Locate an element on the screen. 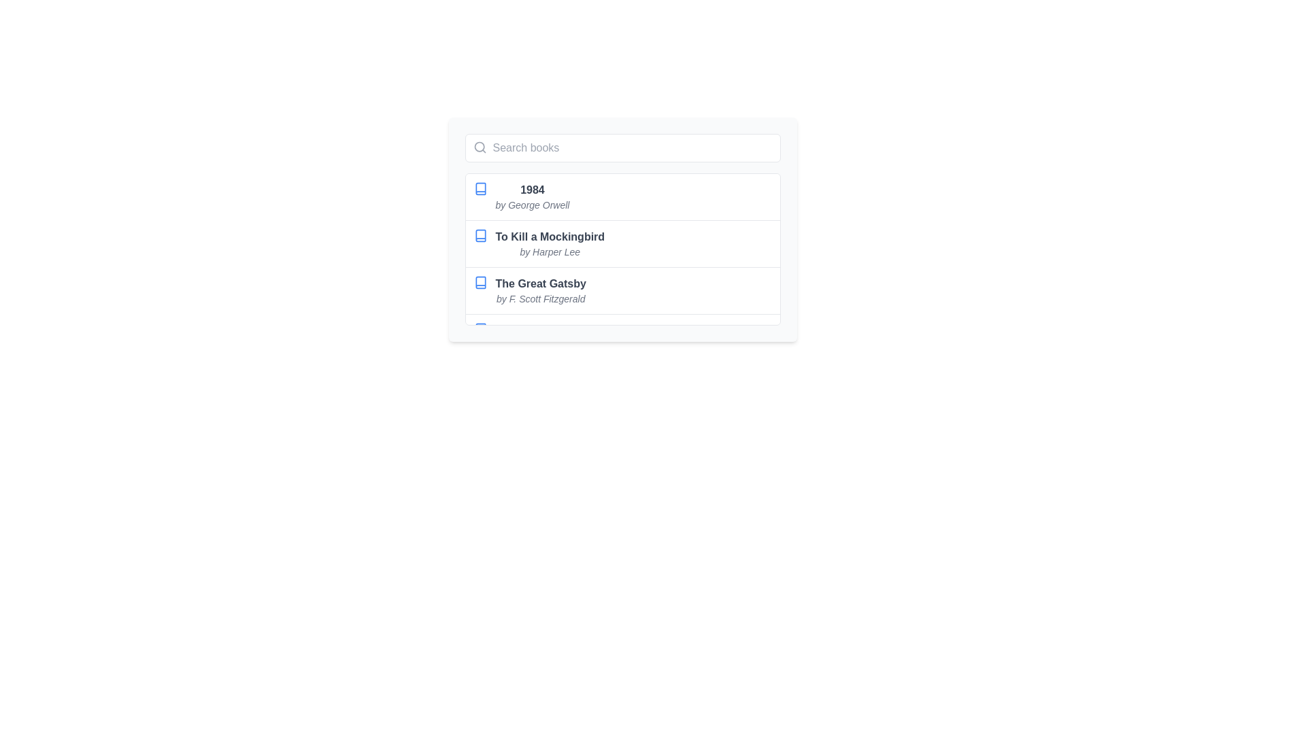 Image resolution: width=1306 pixels, height=734 pixels. the list item presenting 'To Kill a Mockingbird' by Harper Lee is located at coordinates (622, 243).